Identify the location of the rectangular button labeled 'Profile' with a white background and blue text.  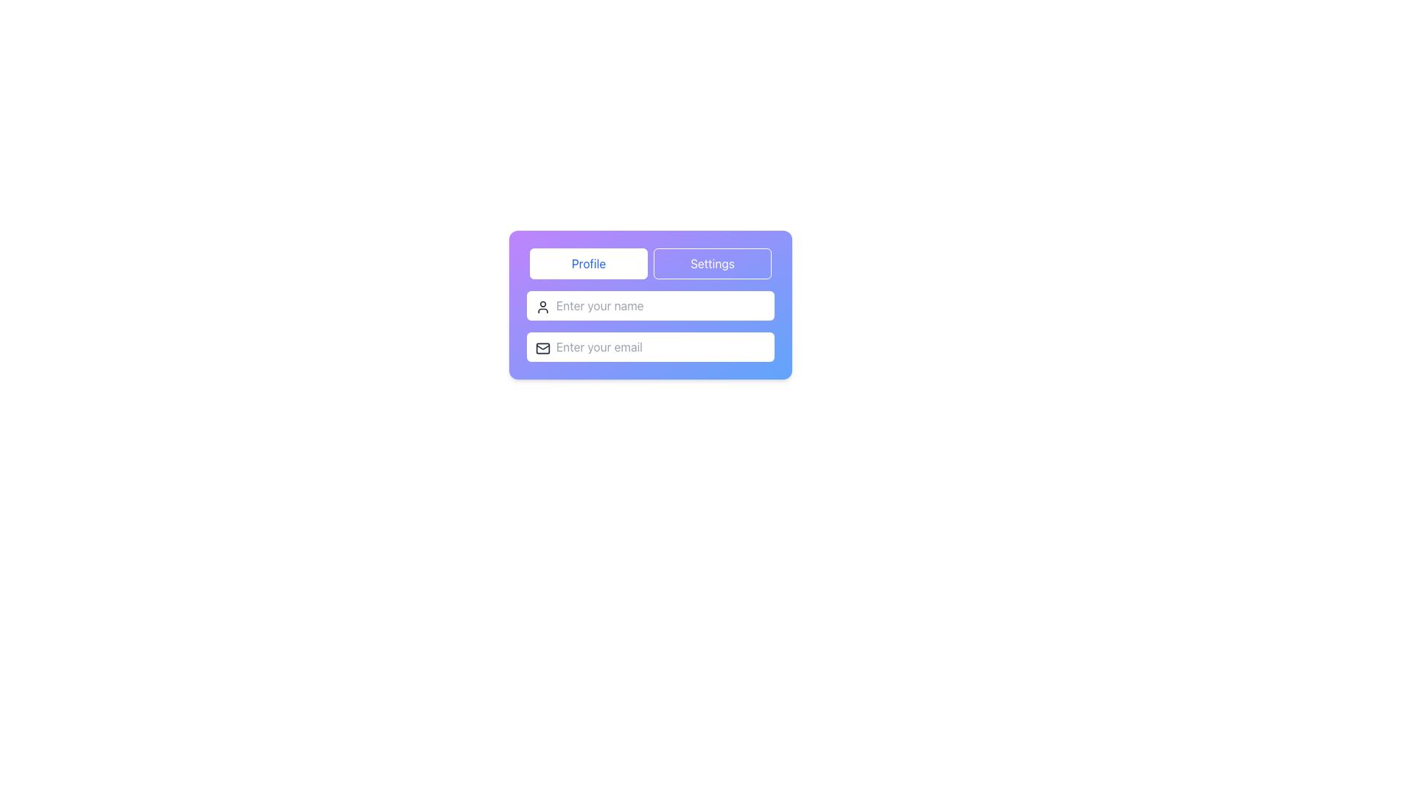
(587, 263).